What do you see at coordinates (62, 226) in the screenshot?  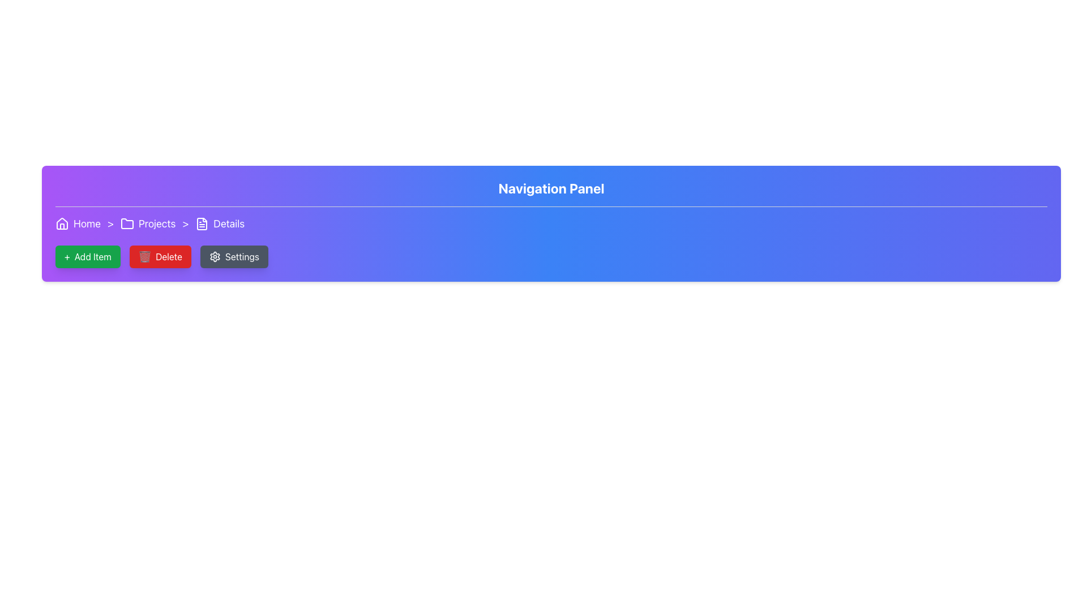 I see `the vector graphic component representing the 'Home' section of the breadcrumb navigation` at bounding box center [62, 226].